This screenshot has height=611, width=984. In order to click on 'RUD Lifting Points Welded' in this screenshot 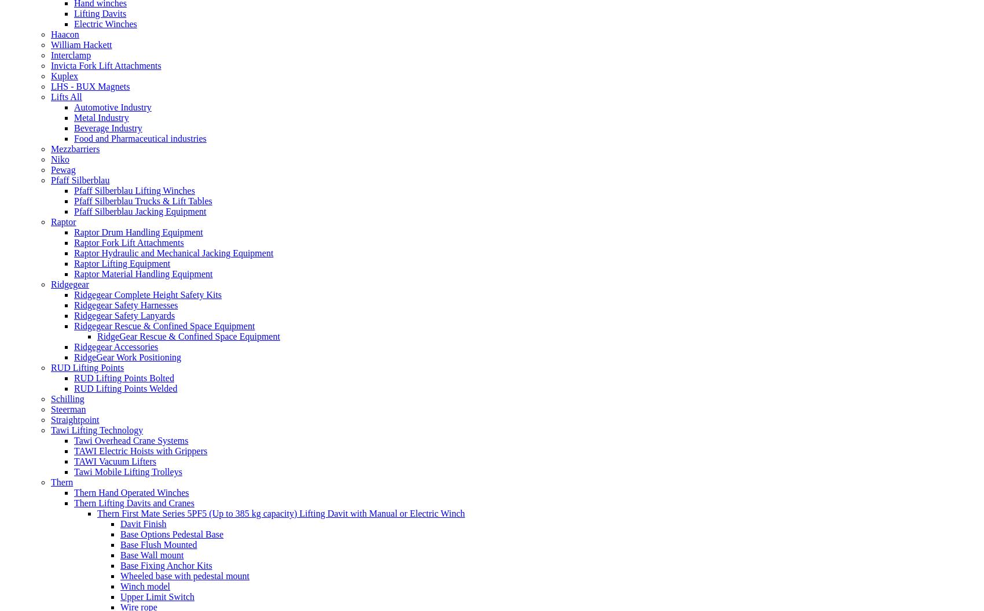, I will do `click(125, 388)`.